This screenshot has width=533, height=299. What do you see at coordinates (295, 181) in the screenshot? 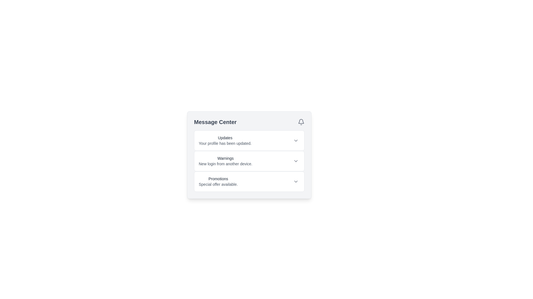
I see `the chevron icon used to toggle the visibility of the 'Promotions' section in the 'Message Center' card` at bounding box center [295, 181].